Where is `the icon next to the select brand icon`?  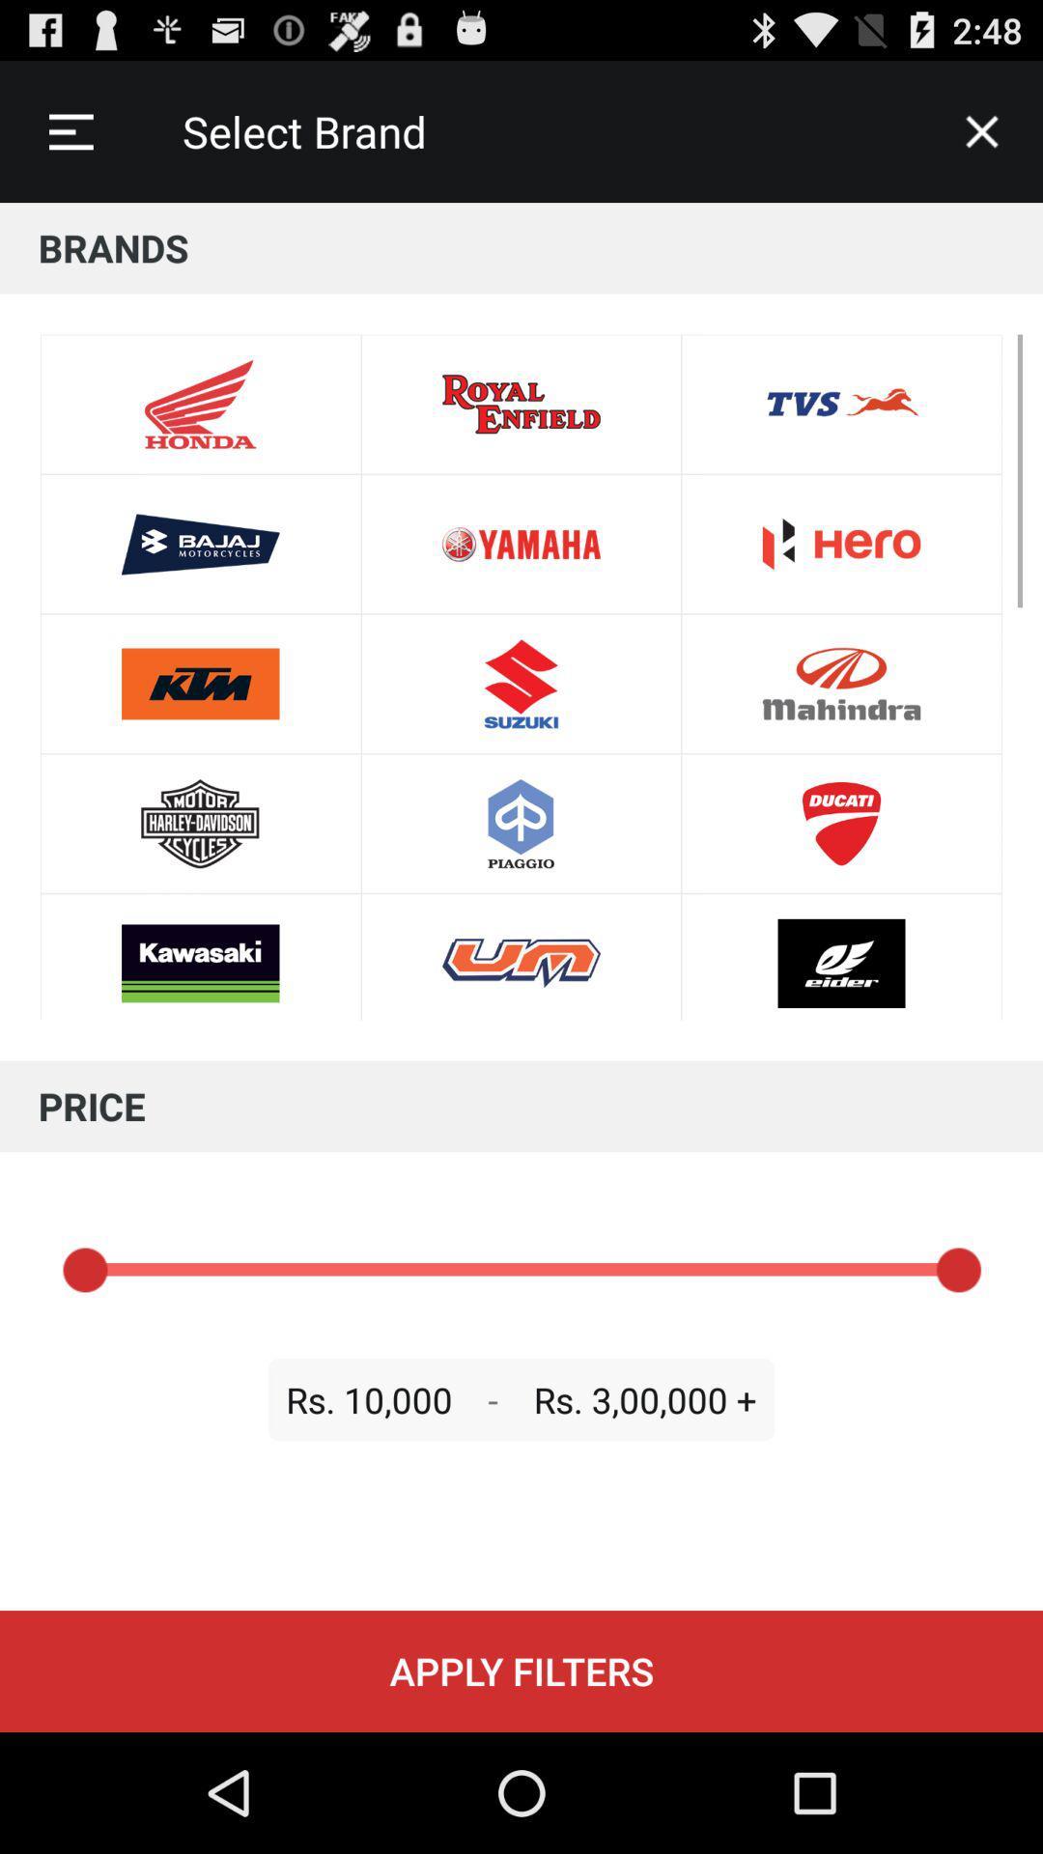 the icon next to the select brand icon is located at coordinates (982, 130).